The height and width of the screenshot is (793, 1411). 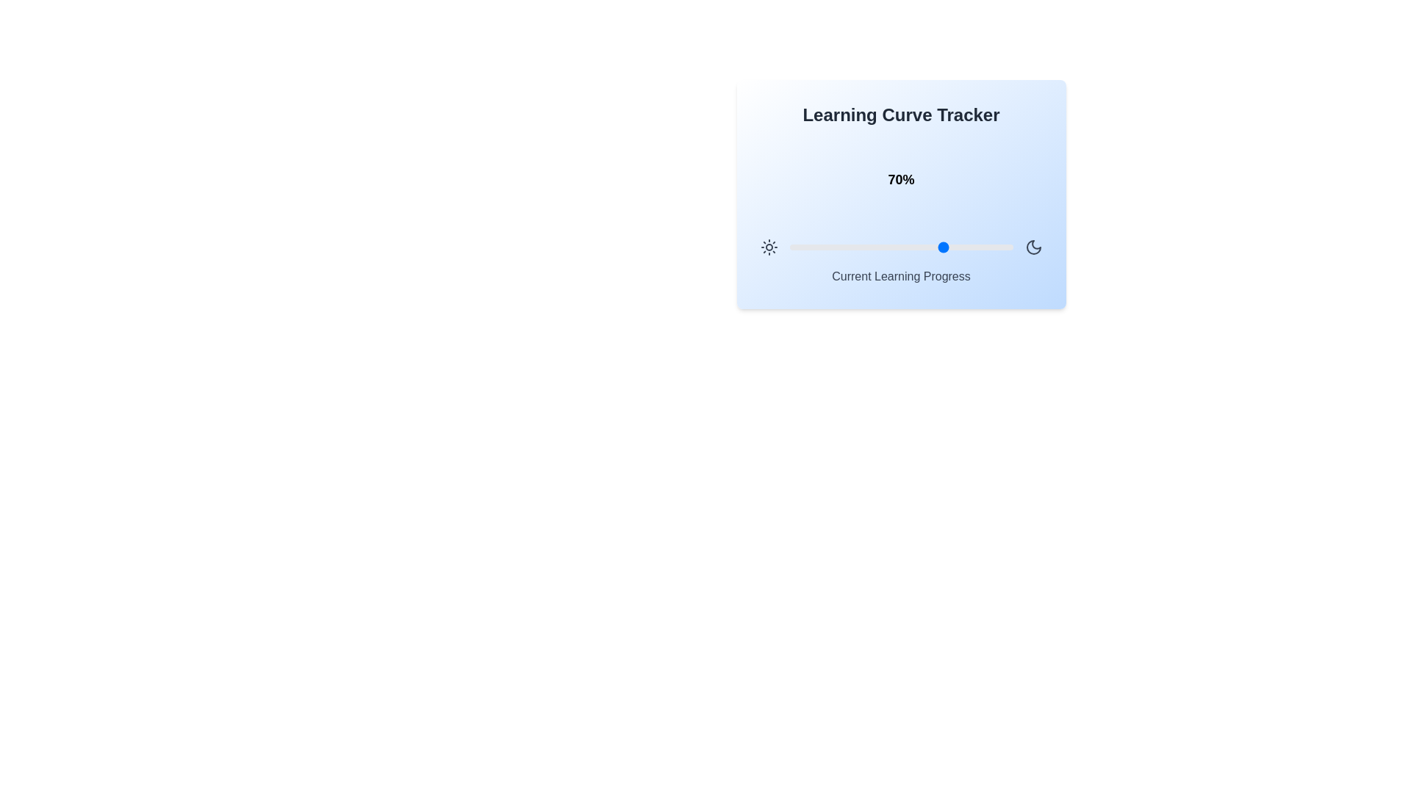 What do you see at coordinates (768, 246) in the screenshot?
I see `the Sun icon to explore its behavior` at bounding box center [768, 246].